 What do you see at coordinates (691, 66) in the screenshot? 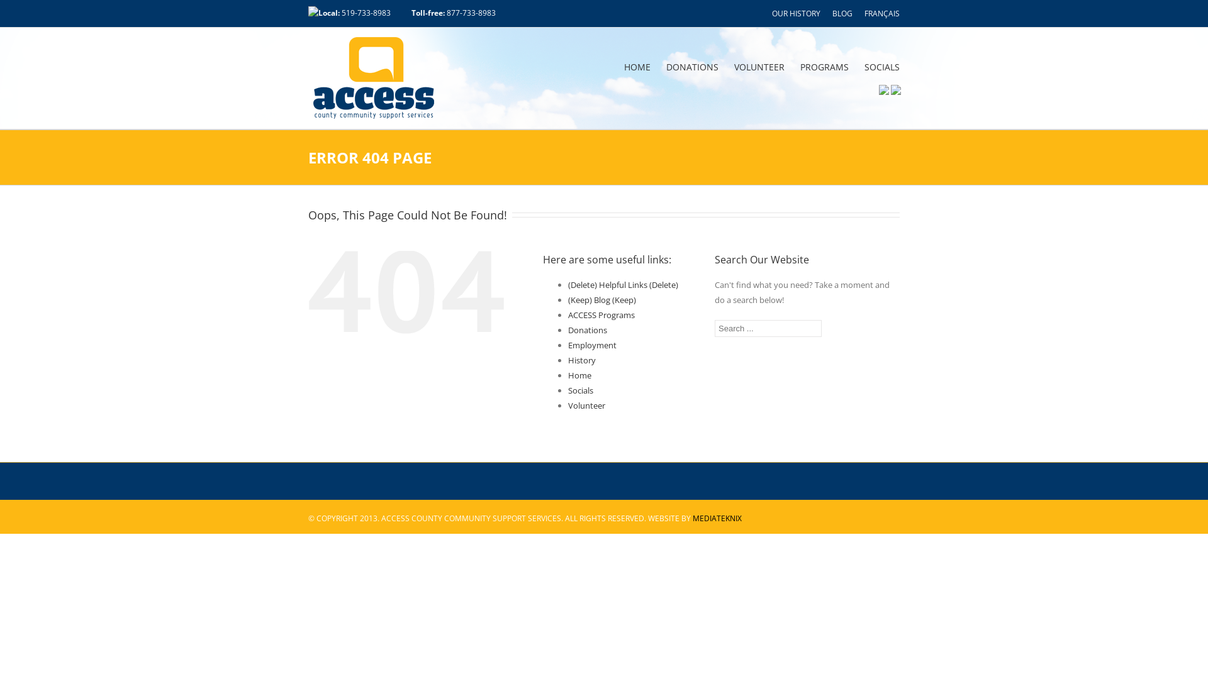
I see `'DONATIONS'` at bounding box center [691, 66].